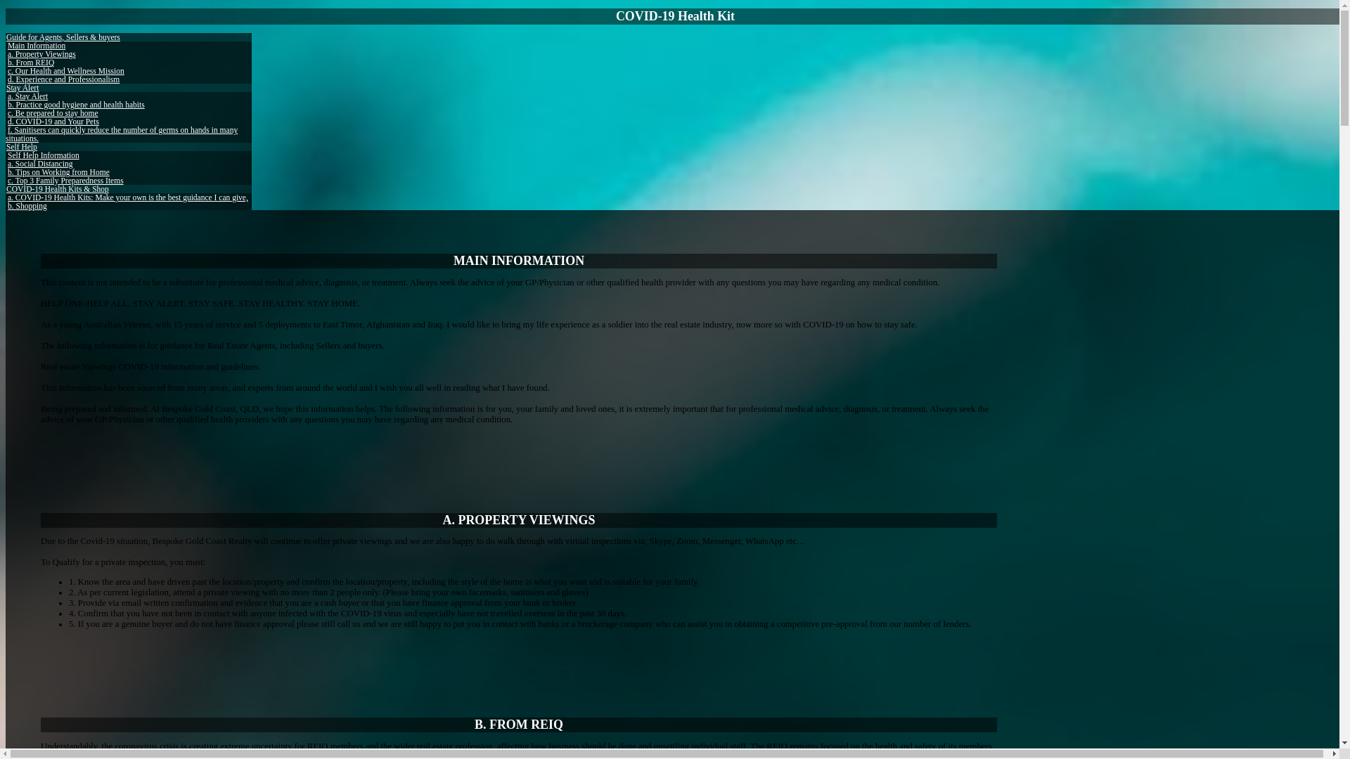 The image size is (1350, 759). I want to click on 'COVID-19 Health Kits & Shop', so click(56, 188).